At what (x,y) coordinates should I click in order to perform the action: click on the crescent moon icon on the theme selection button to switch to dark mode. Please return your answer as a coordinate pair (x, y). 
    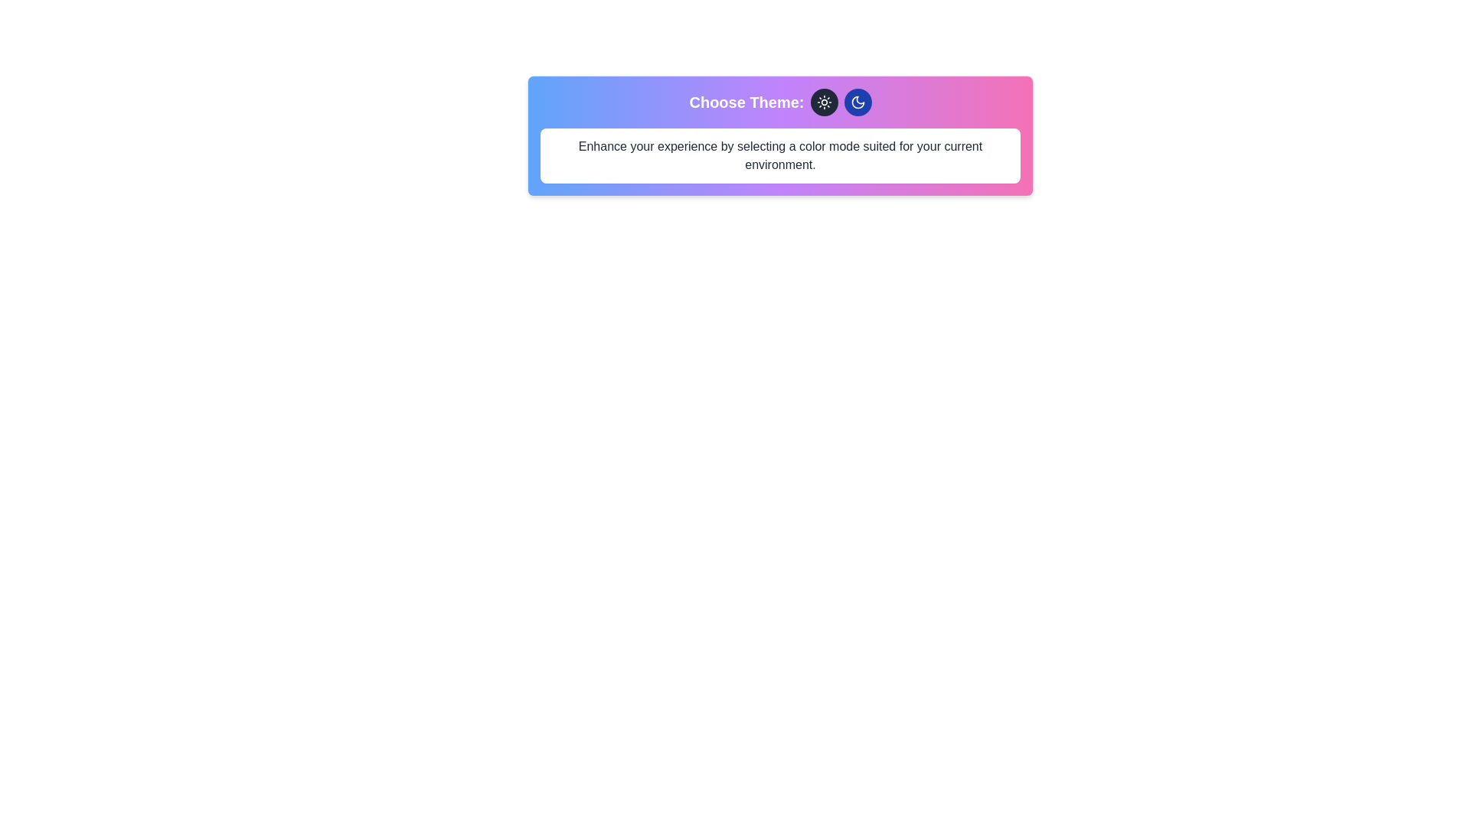
    Looking at the image, I should click on (857, 102).